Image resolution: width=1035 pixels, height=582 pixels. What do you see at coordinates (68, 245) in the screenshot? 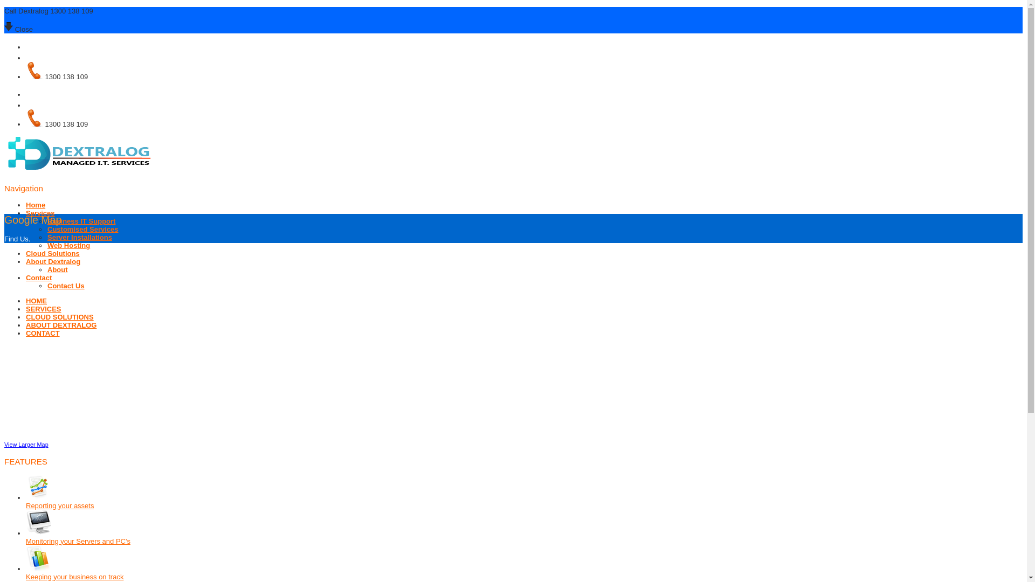
I see `'Web Hosting'` at bounding box center [68, 245].